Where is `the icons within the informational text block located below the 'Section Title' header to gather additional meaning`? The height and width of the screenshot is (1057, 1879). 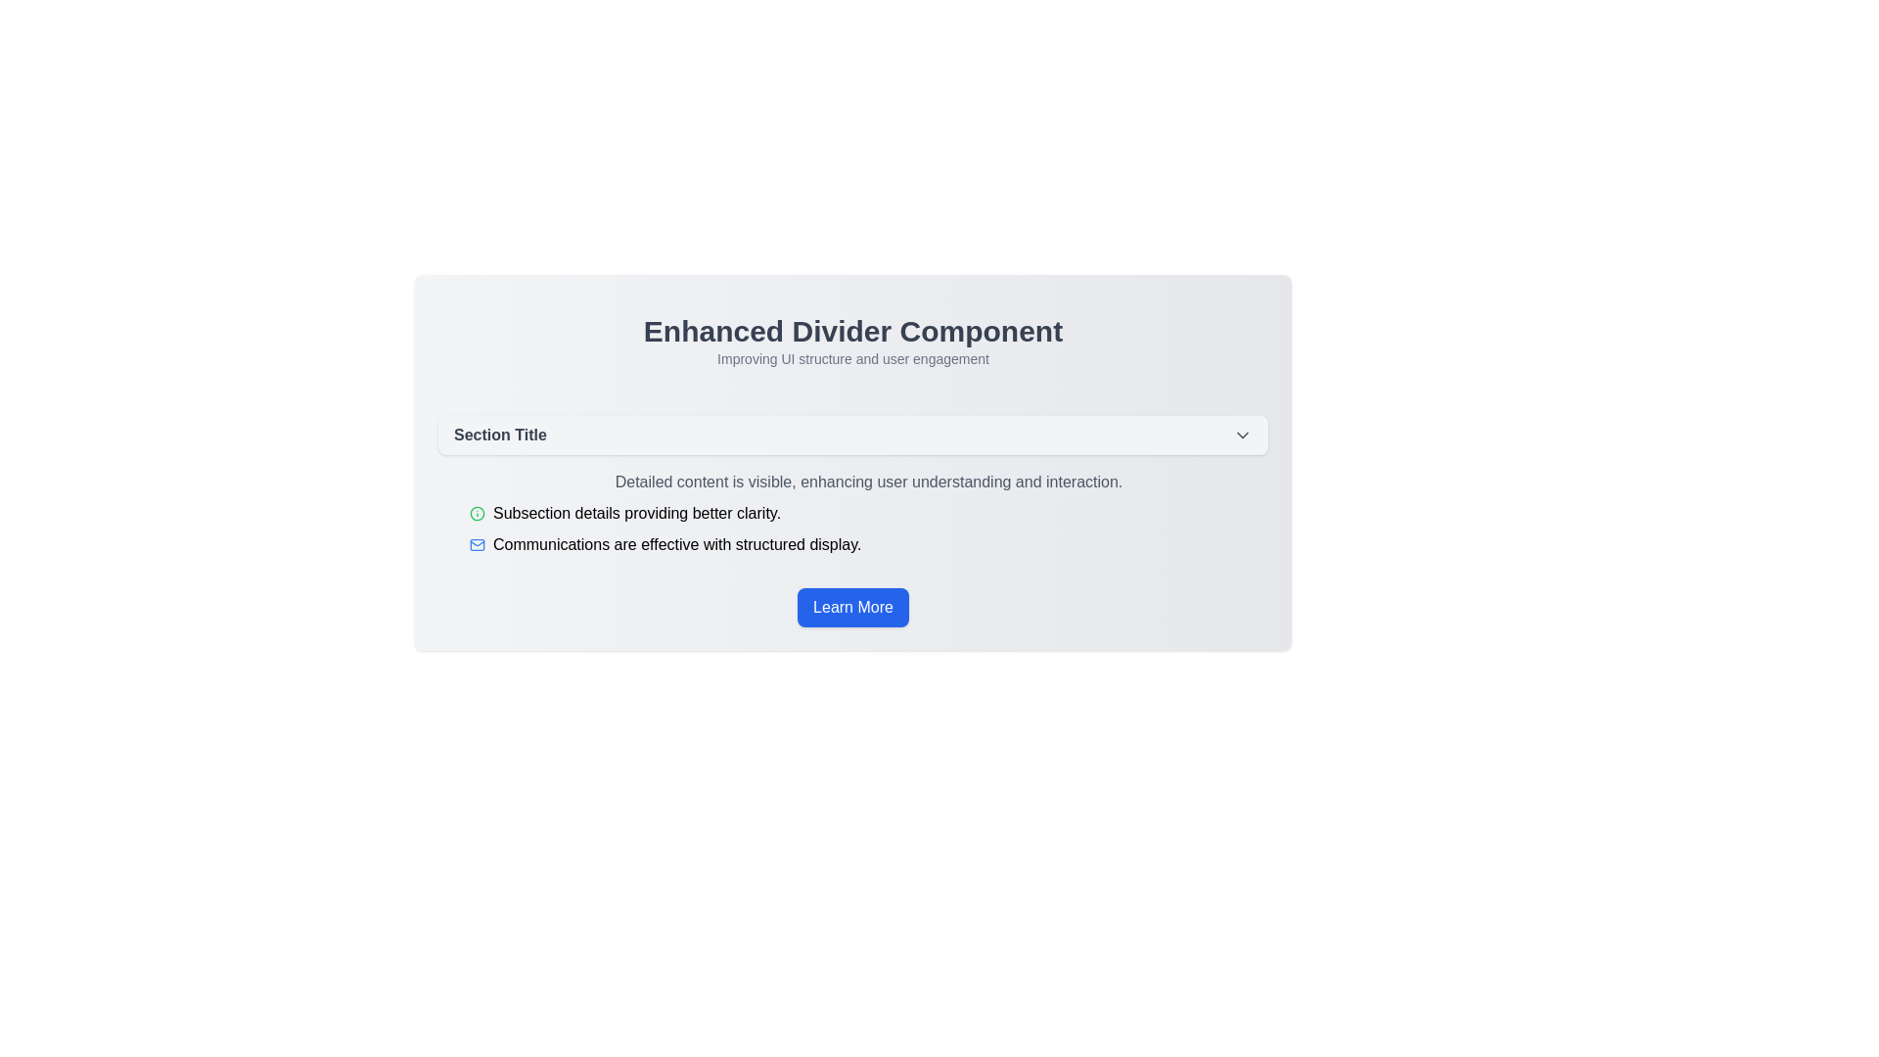 the icons within the informational text block located below the 'Section Title' header to gather additional meaning is located at coordinates (853, 512).